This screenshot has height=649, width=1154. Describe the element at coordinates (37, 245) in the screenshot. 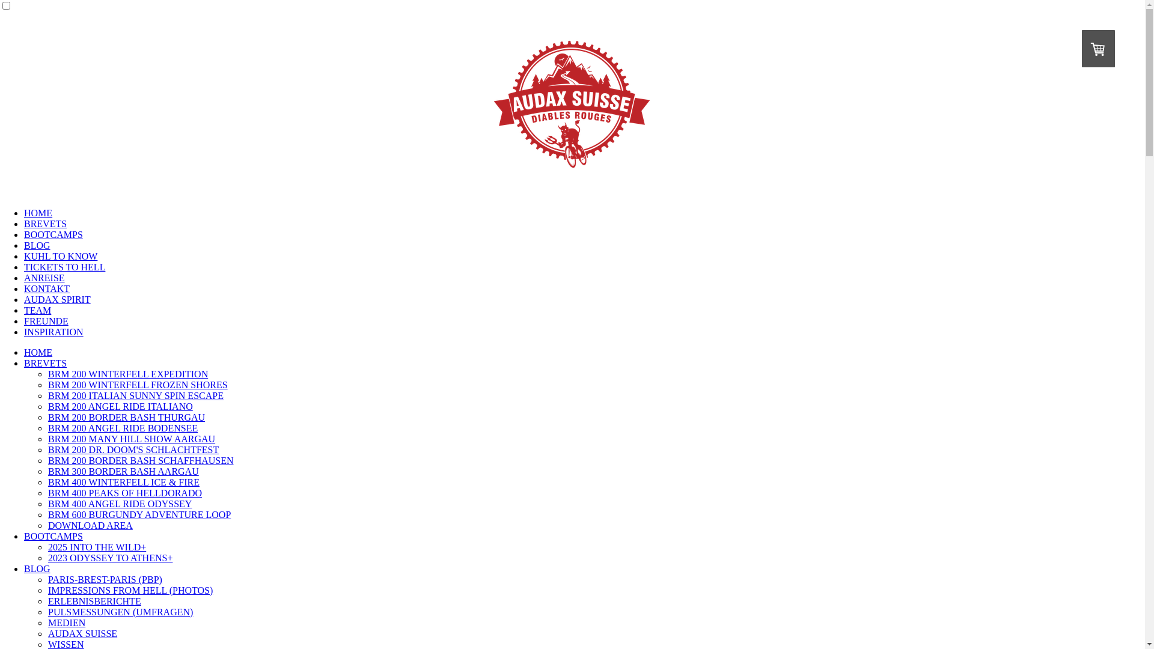

I see `'BLOG'` at that location.